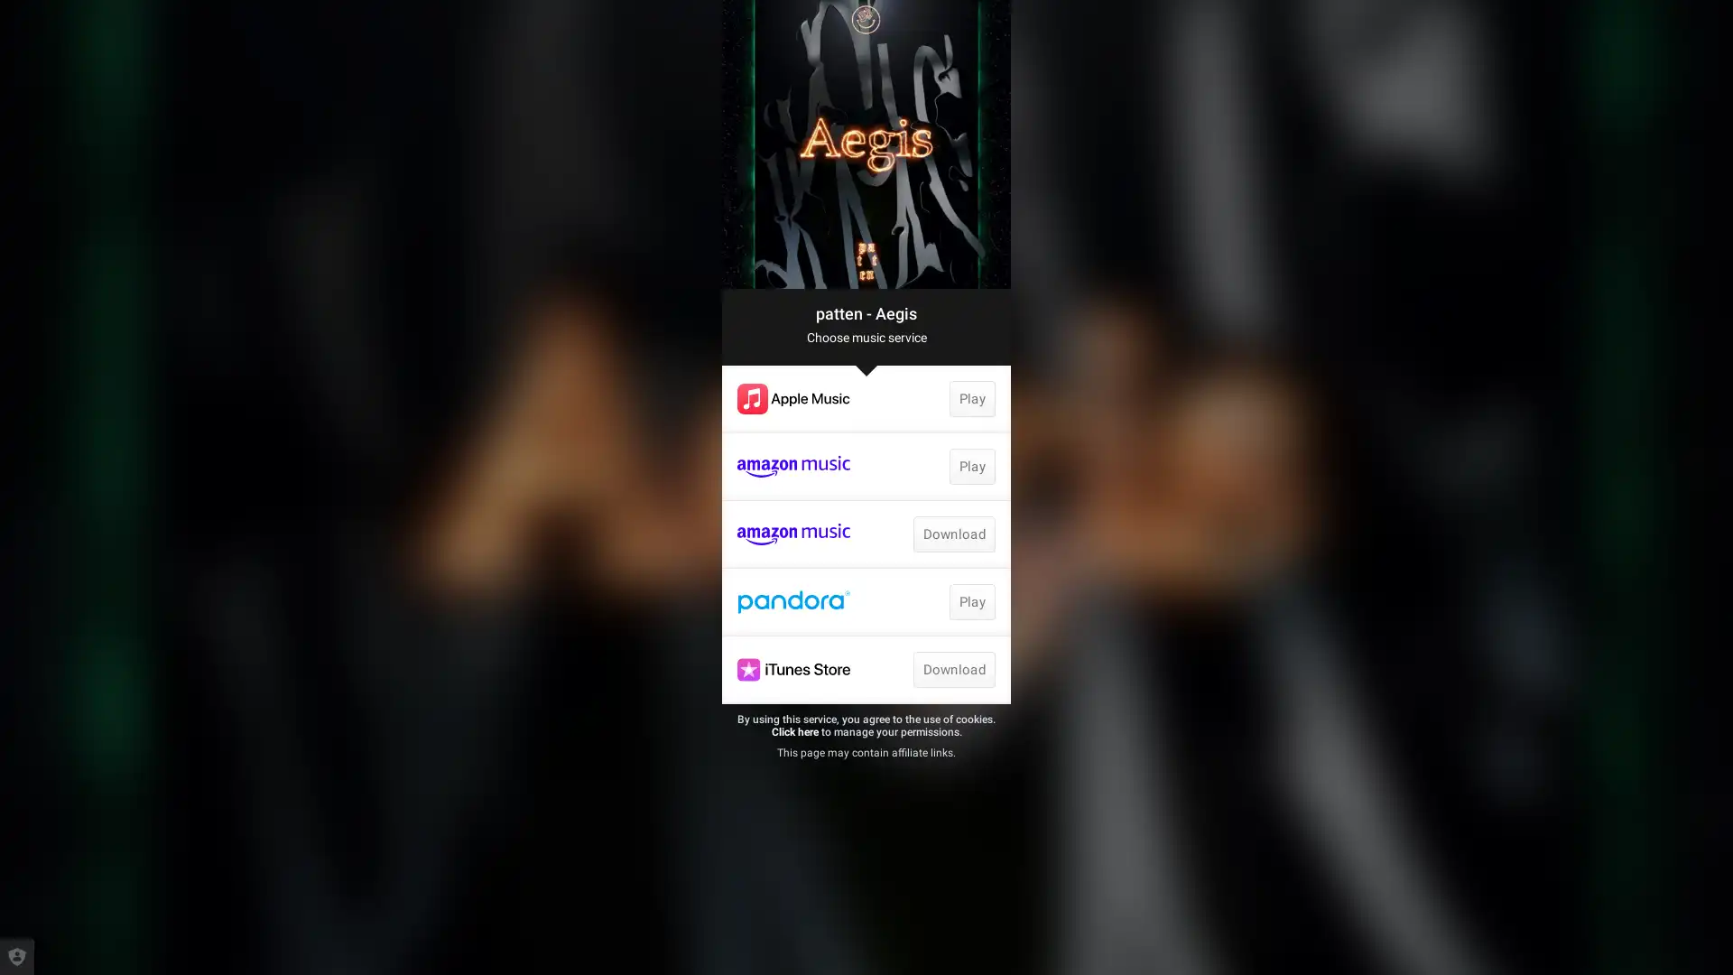 The width and height of the screenshot is (1733, 975). I want to click on Download, so click(952, 533).